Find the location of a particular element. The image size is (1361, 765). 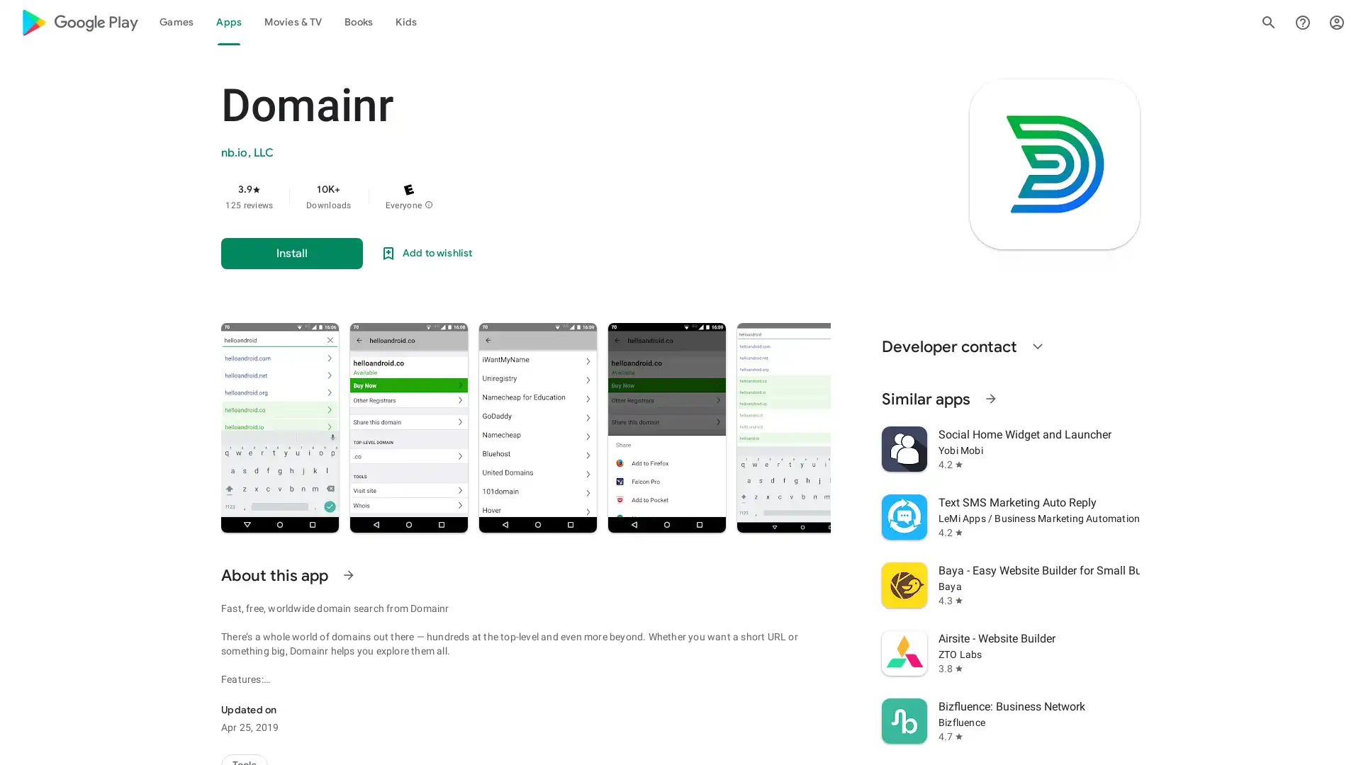

Screenshot image is located at coordinates (666, 427).